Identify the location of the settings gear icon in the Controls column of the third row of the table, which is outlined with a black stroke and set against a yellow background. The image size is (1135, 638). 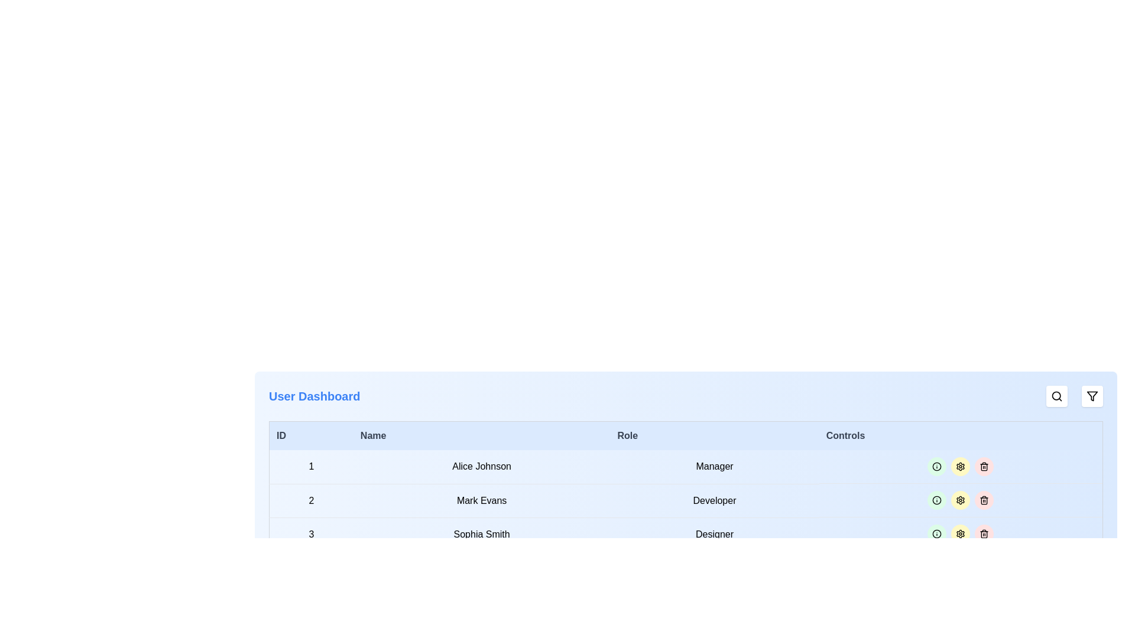
(961, 466).